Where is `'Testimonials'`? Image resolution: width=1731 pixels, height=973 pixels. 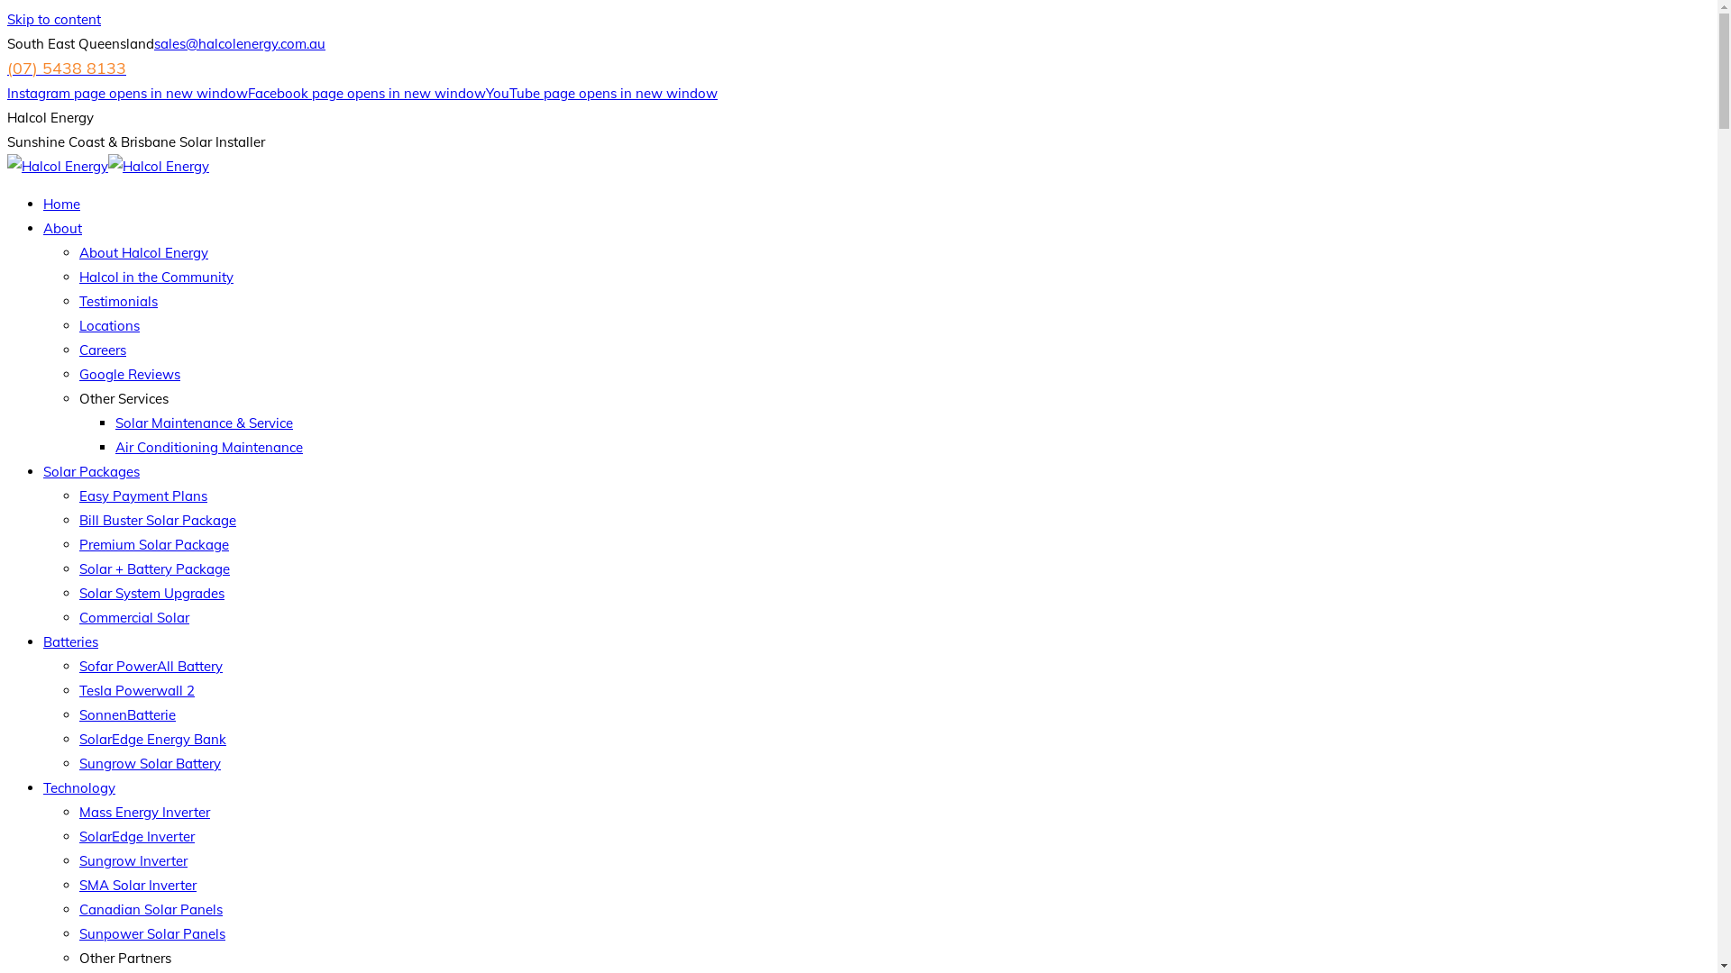
'Testimonials' is located at coordinates (117, 300).